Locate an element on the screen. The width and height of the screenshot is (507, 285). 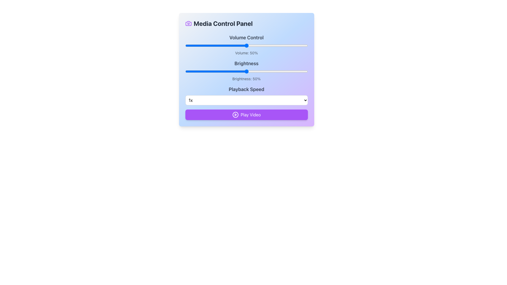
the brightness level is located at coordinates (270, 71).